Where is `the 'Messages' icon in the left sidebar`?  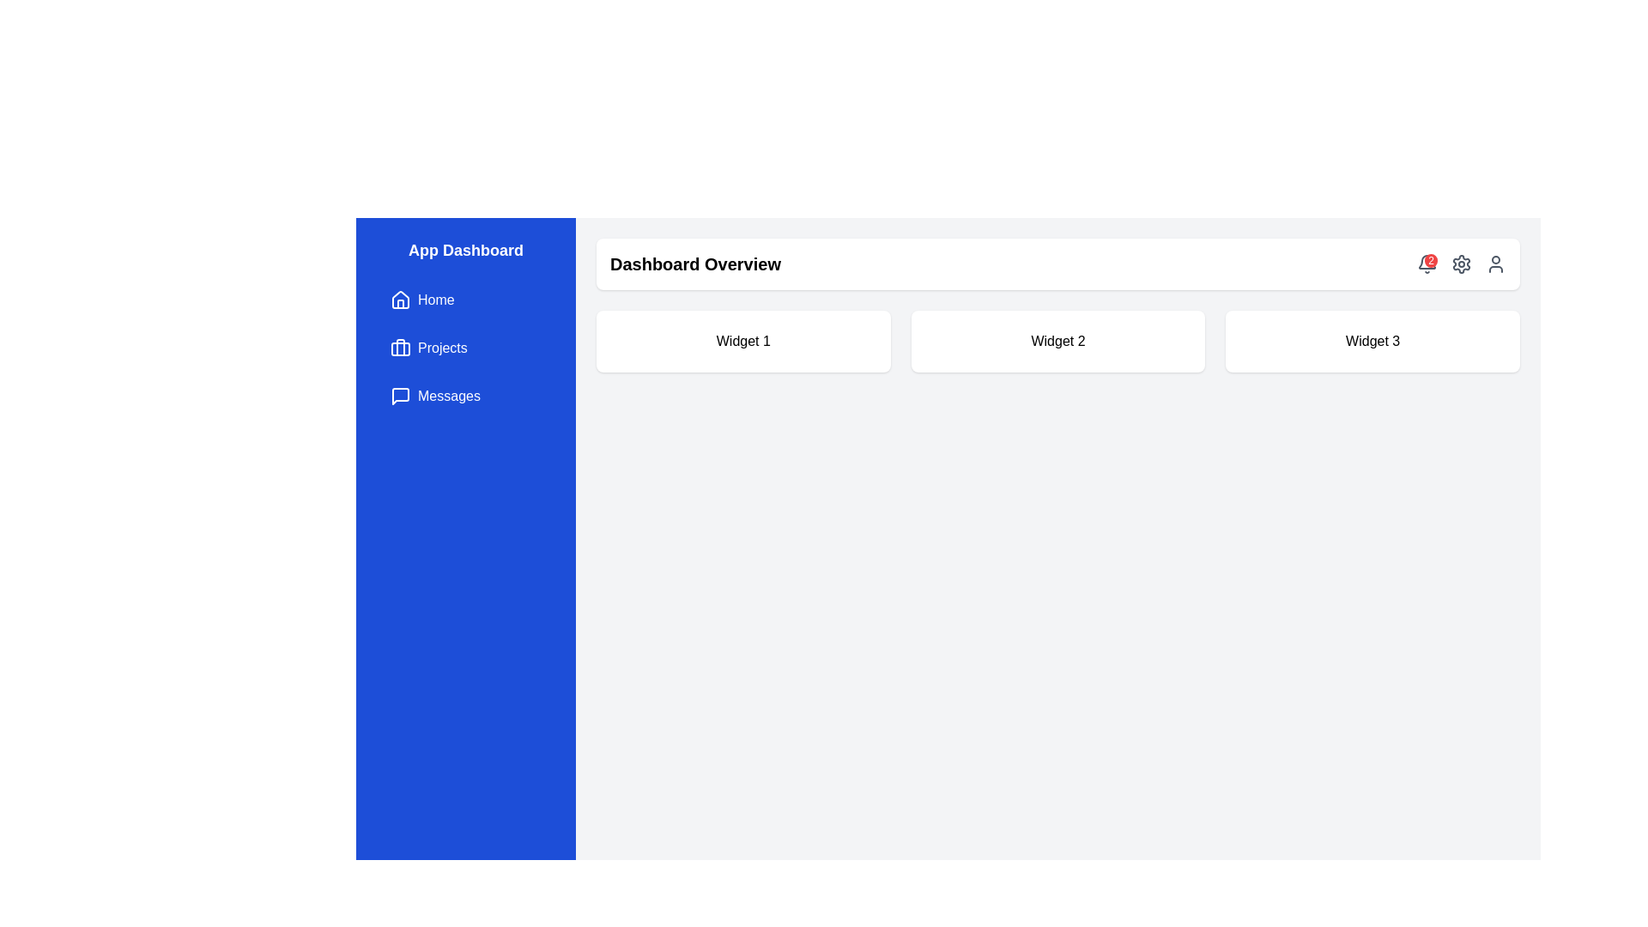 the 'Messages' icon in the left sidebar is located at coordinates (399, 397).